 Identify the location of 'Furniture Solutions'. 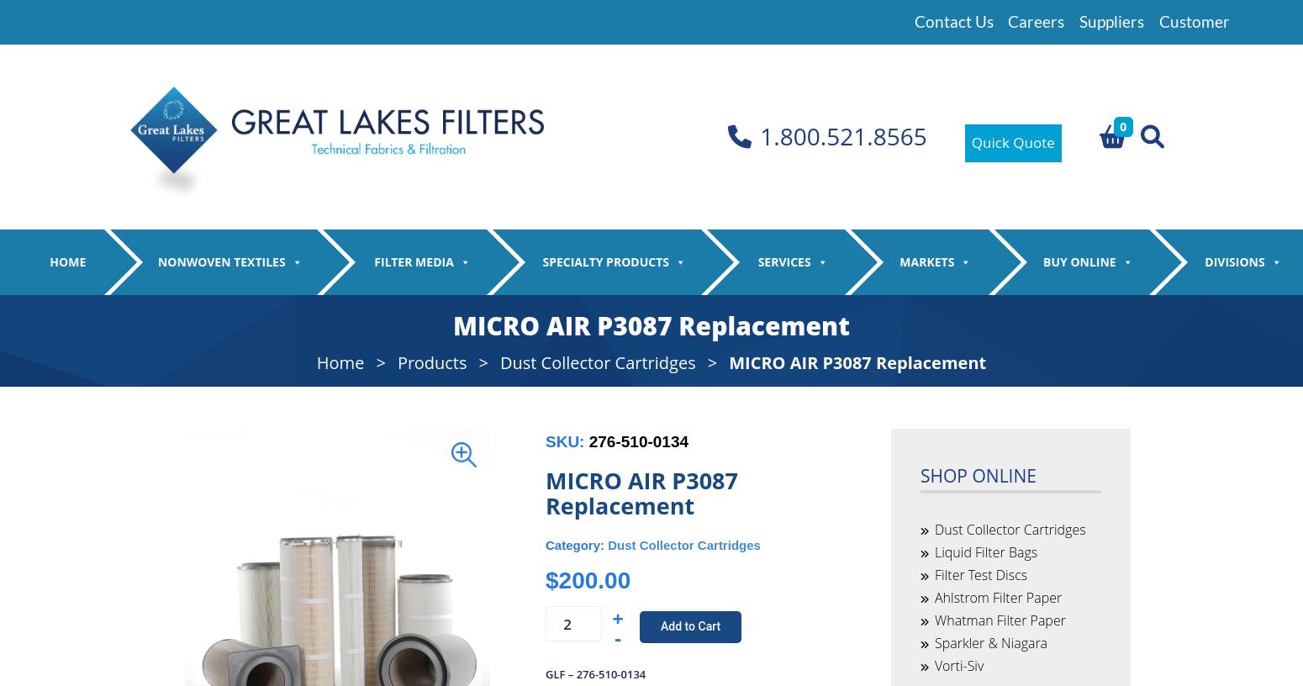
(910, 464).